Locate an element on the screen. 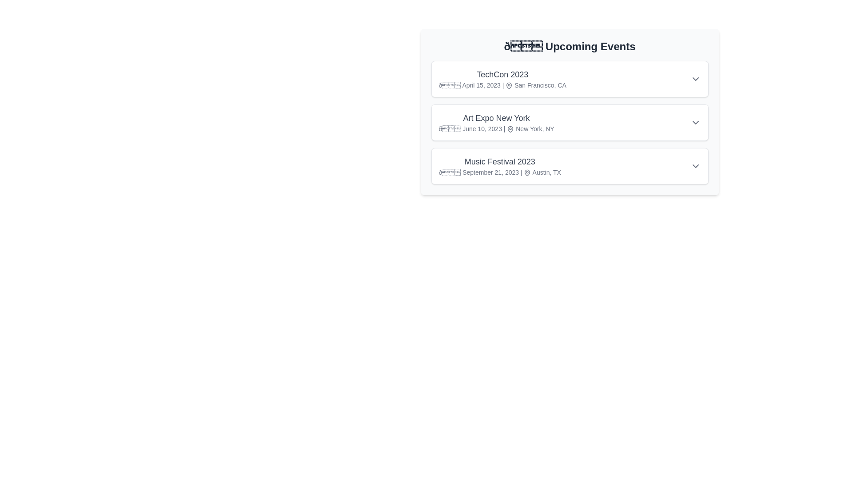 This screenshot has width=853, height=480. the location icon for the event titled 'Art Expo New York' is located at coordinates (510, 129).